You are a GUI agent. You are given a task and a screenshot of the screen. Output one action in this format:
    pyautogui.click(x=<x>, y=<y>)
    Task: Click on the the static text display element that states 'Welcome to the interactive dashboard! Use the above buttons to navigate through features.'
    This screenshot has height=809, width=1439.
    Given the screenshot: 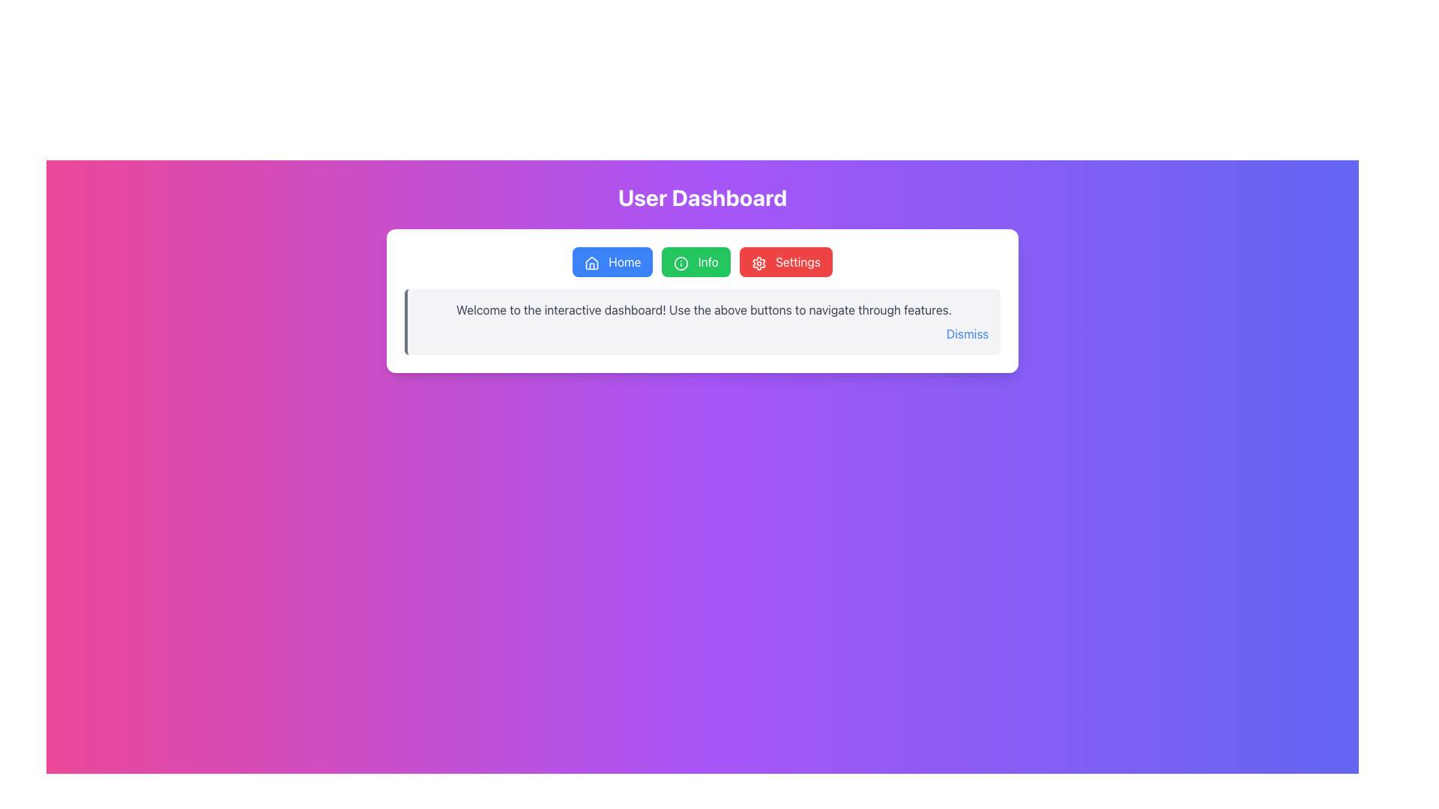 What is the action you would take?
    pyautogui.click(x=703, y=309)
    